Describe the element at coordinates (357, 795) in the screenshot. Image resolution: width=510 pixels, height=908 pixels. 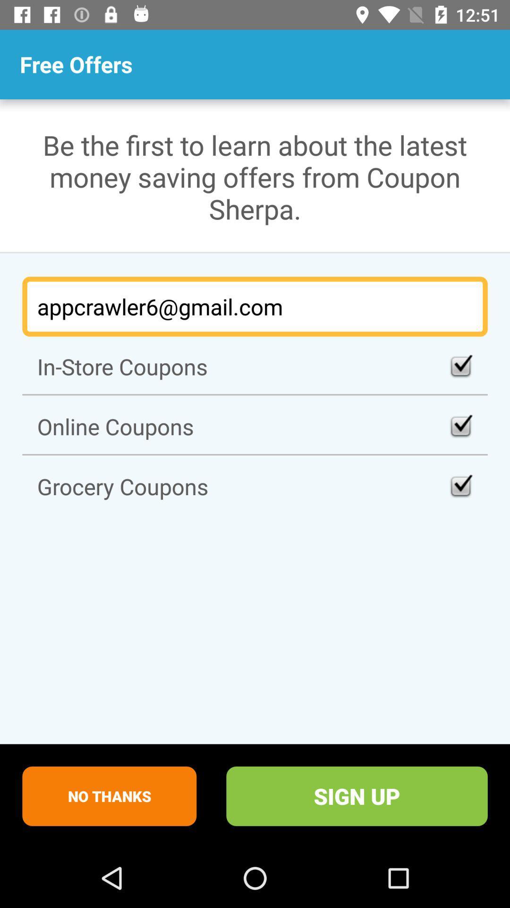
I see `the icon next to the no thanks` at that location.